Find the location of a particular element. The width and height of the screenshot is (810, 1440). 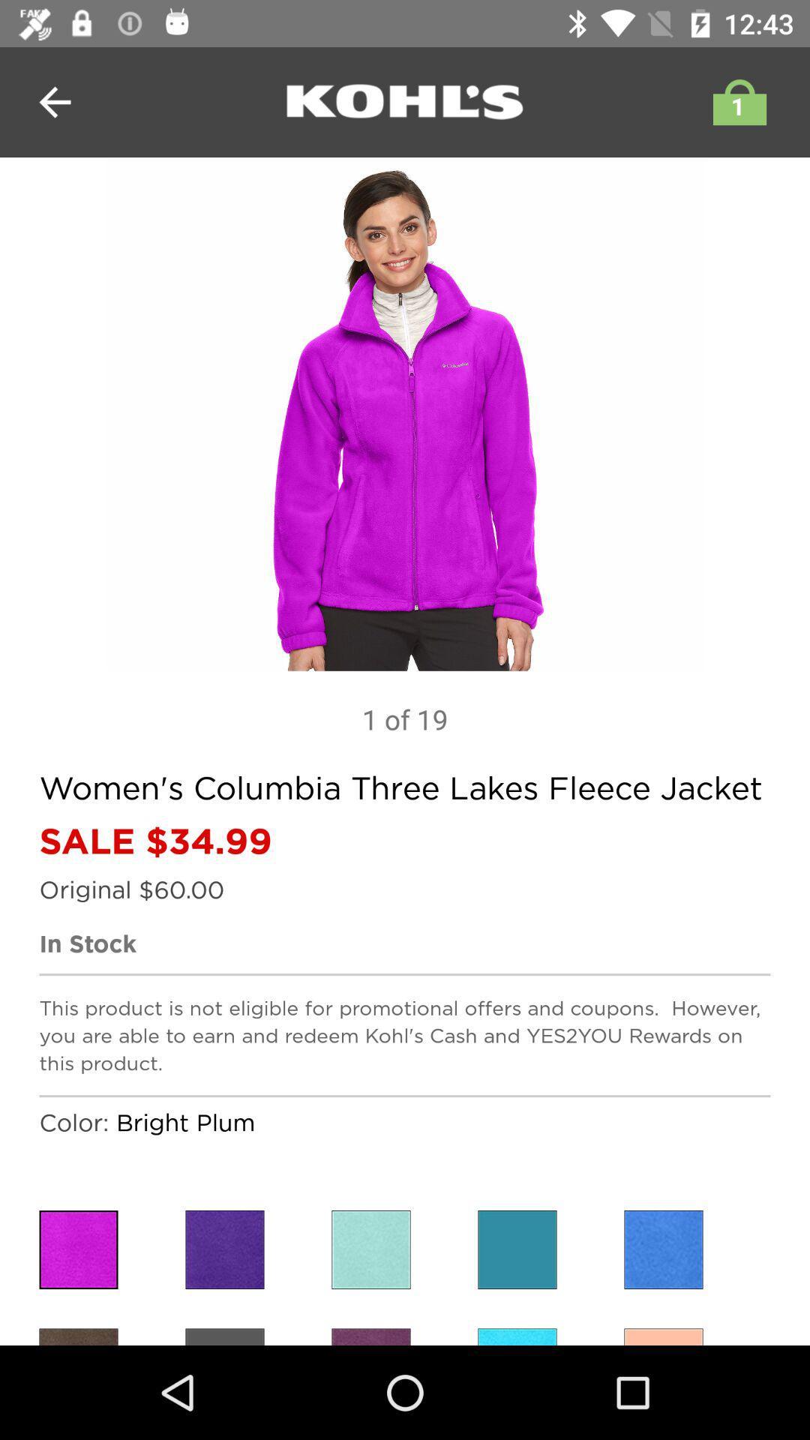

choose purple color is located at coordinates (370, 1336).